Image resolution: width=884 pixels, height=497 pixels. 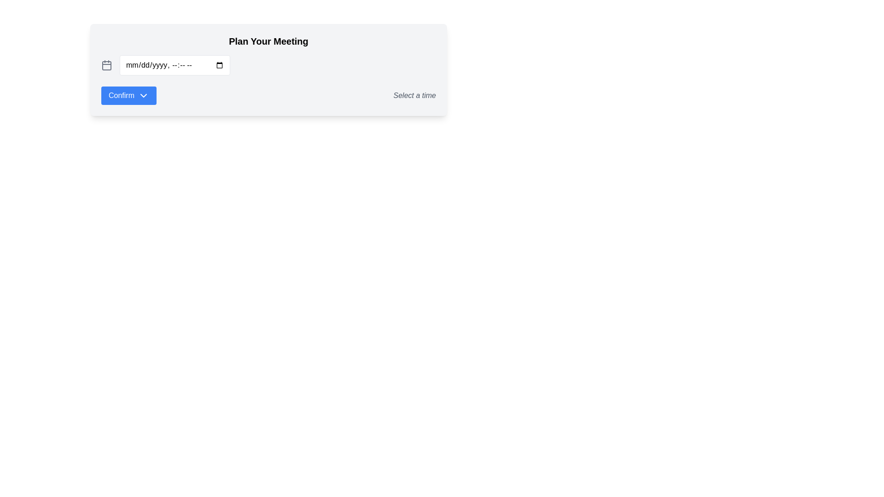 What do you see at coordinates (106, 65) in the screenshot?
I see `the date picker icon located at the far left of its group, next to the date input field` at bounding box center [106, 65].